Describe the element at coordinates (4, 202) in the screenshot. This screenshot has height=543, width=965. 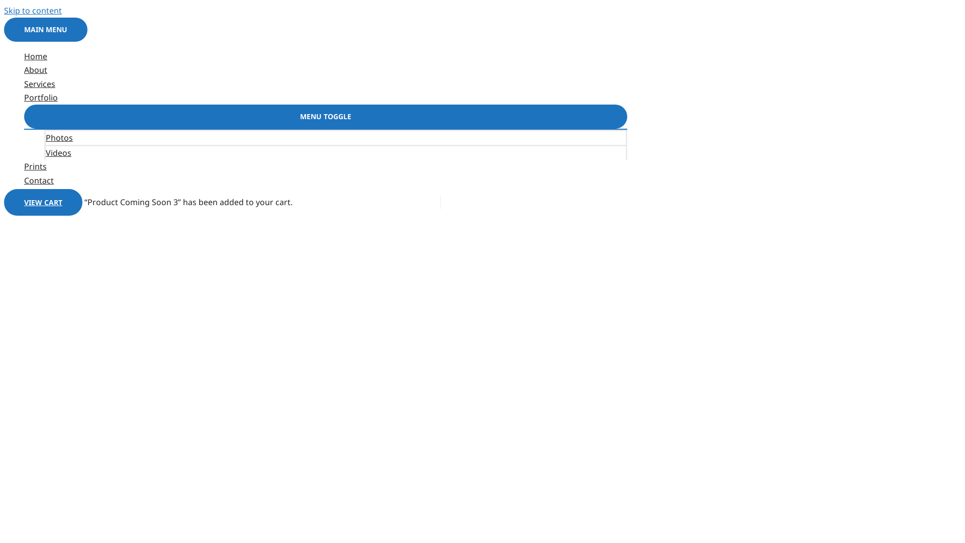
I see `'VIEW CART'` at that location.